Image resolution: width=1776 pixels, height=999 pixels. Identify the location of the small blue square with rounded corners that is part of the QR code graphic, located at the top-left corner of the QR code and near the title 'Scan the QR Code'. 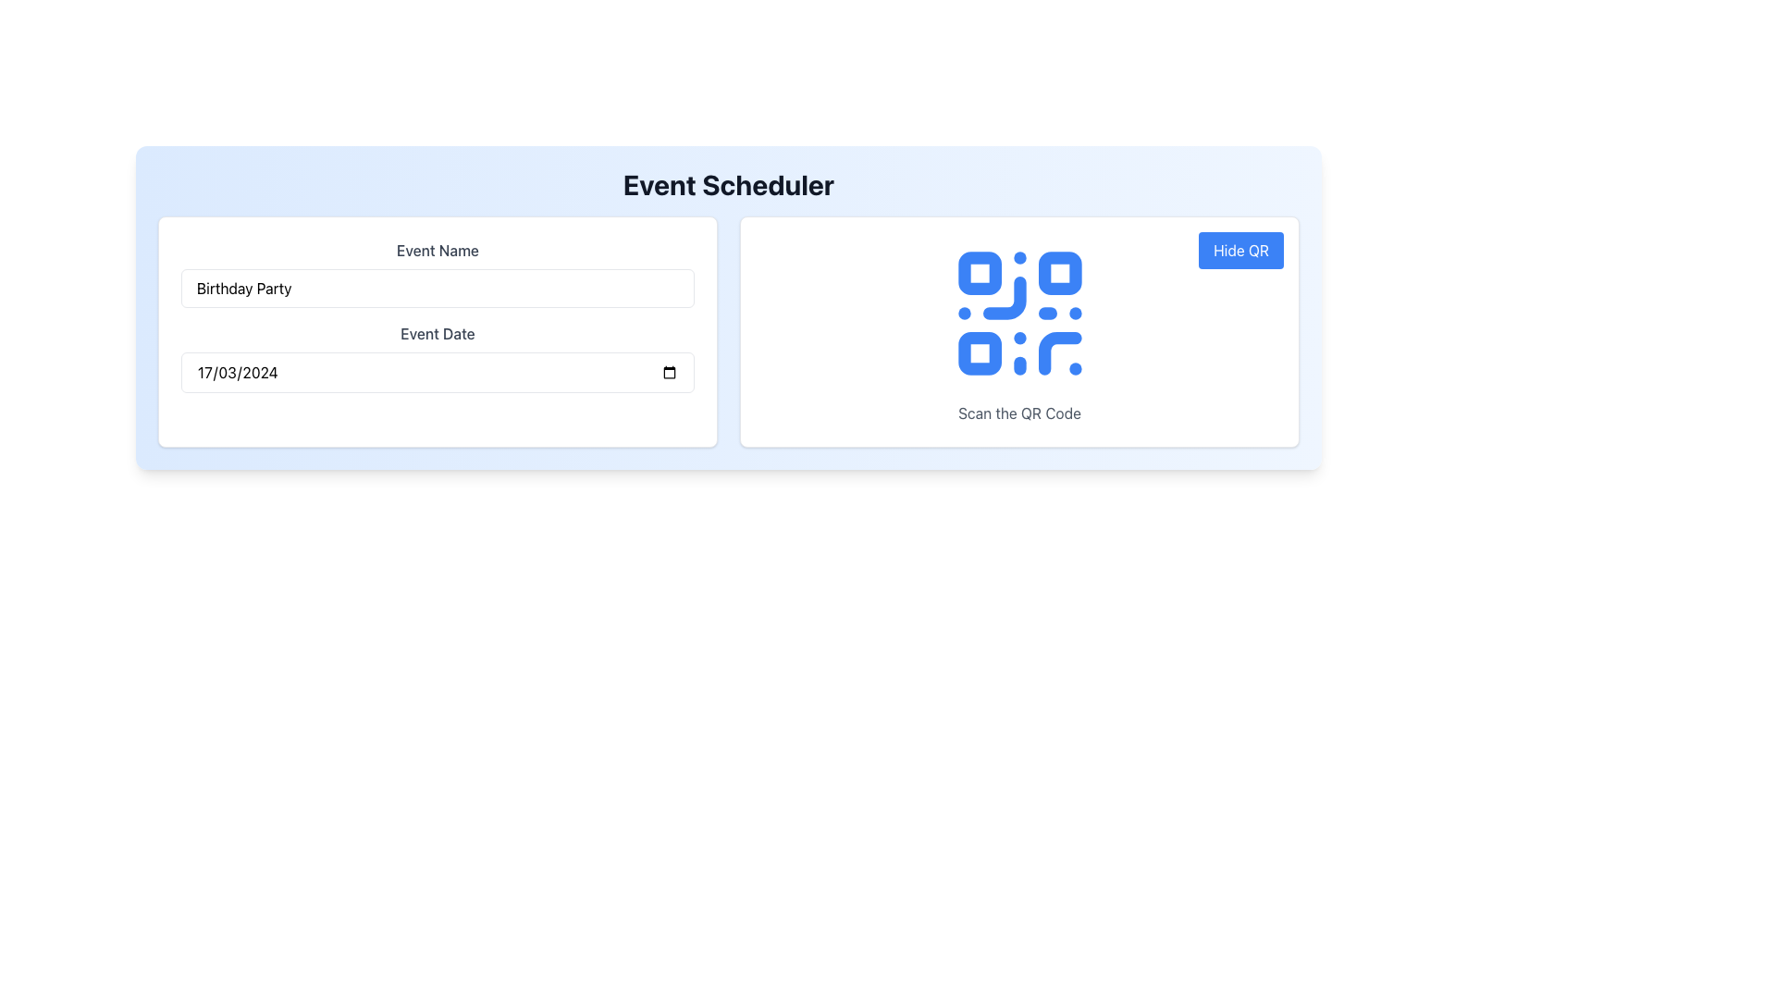
(979, 273).